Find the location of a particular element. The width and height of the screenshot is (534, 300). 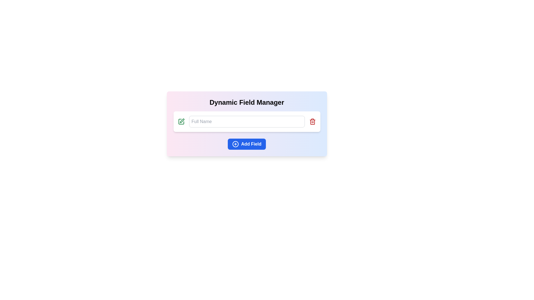

the red trash bin icon button located to the far right of the input field is located at coordinates (312, 121).